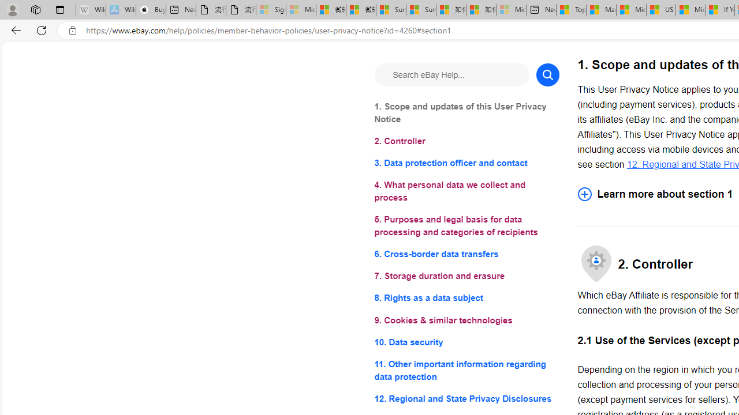 The image size is (739, 415). I want to click on '3. Data protection officer and contact', so click(466, 163).